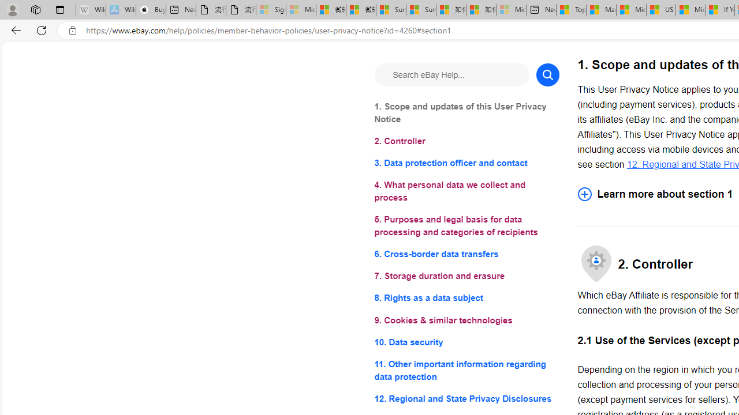 The image size is (739, 415). I want to click on '3. Data protection officer and contact', so click(466, 163).